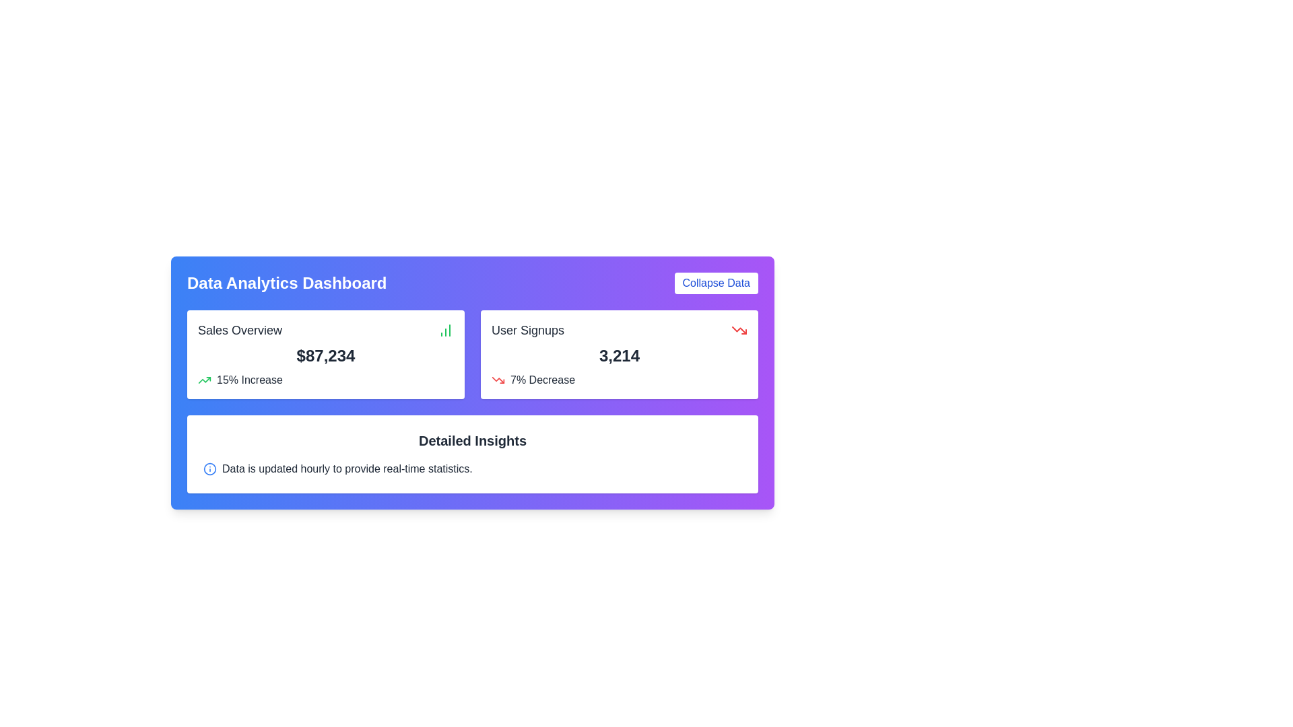 Image resolution: width=1293 pixels, height=727 pixels. What do you see at coordinates (249, 380) in the screenshot?
I see `the text label in the 'Sales Overview' section that indicates a 15% increase in sales, located to the right of the green trending-up icon and below the numerical data '$87,234'` at bounding box center [249, 380].